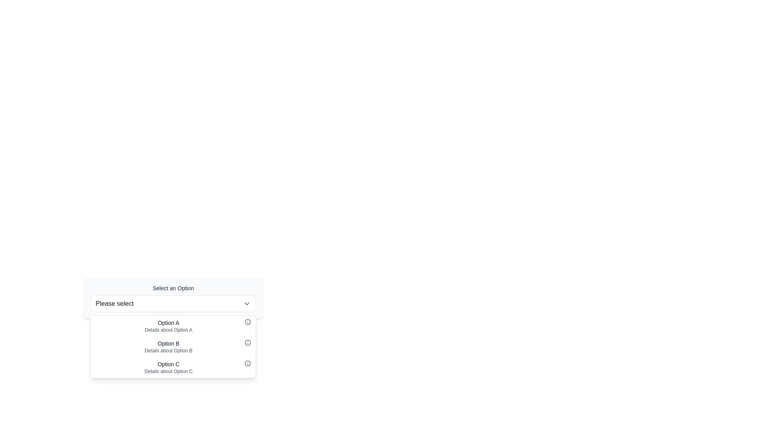 The width and height of the screenshot is (765, 430). Describe the element at coordinates (173, 346) in the screenshot. I see `the dropdown menu option labeled 'Option B'` at that location.